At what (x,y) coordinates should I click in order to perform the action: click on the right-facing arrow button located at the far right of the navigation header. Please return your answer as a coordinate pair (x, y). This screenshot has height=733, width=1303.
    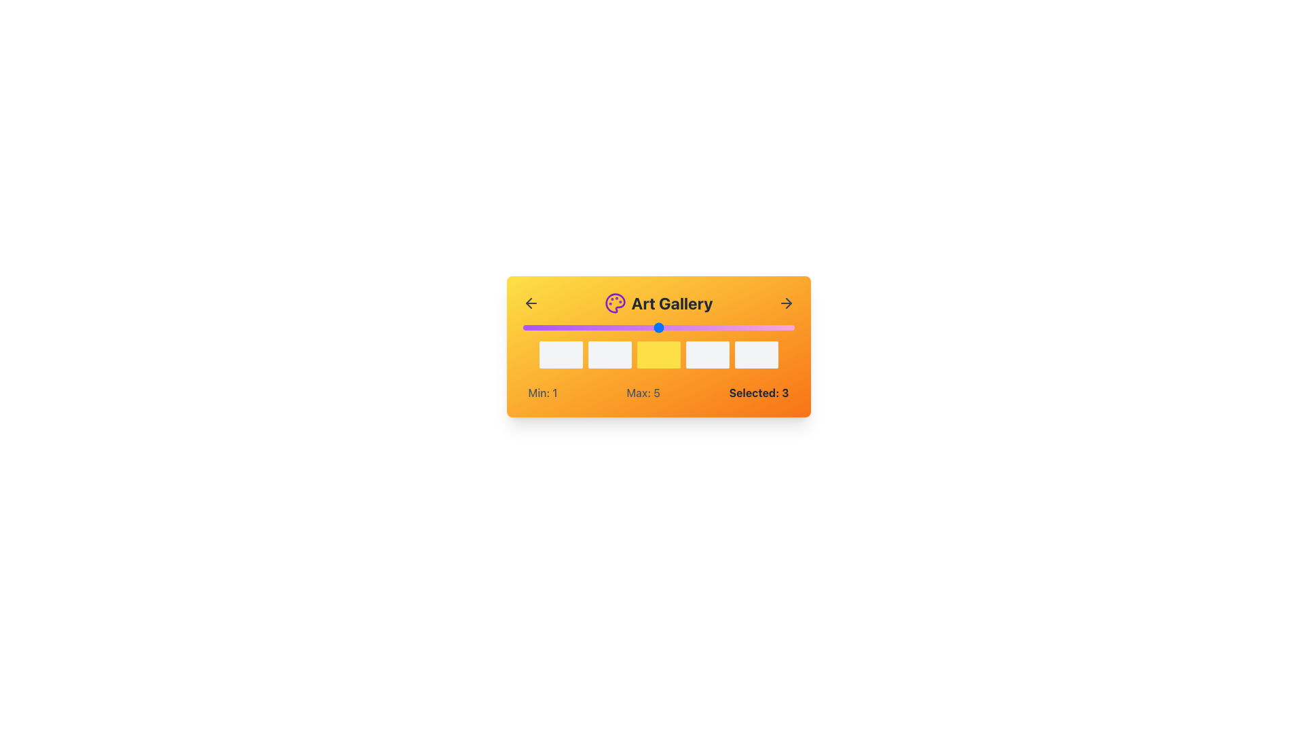
    Looking at the image, I should click on (786, 303).